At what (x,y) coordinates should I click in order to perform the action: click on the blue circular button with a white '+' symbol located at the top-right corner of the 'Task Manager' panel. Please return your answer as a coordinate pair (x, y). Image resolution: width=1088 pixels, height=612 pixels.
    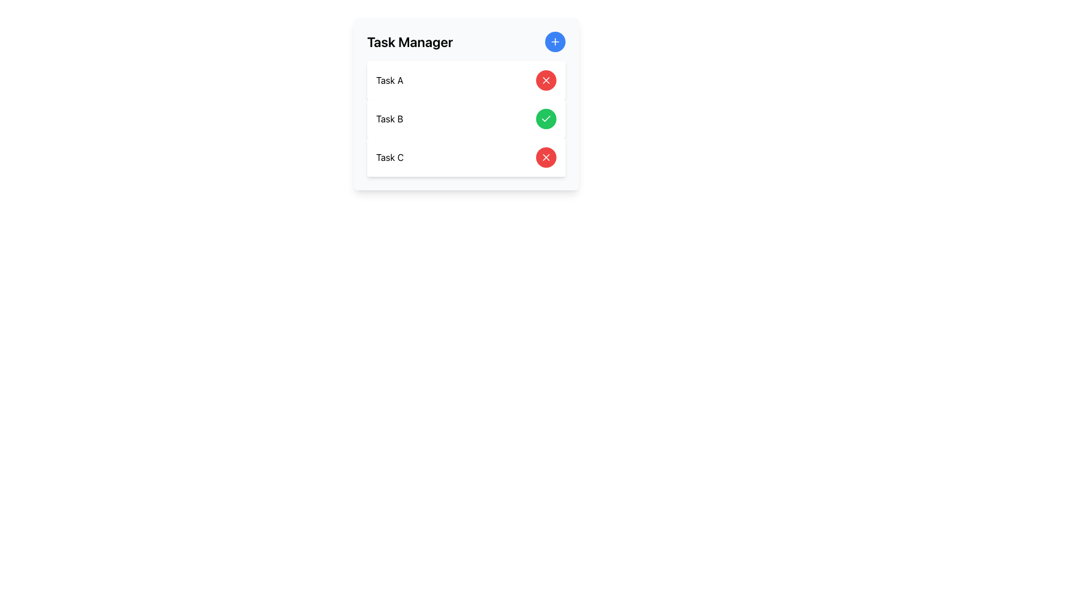
    Looking at the image, I should click on (555, 41).